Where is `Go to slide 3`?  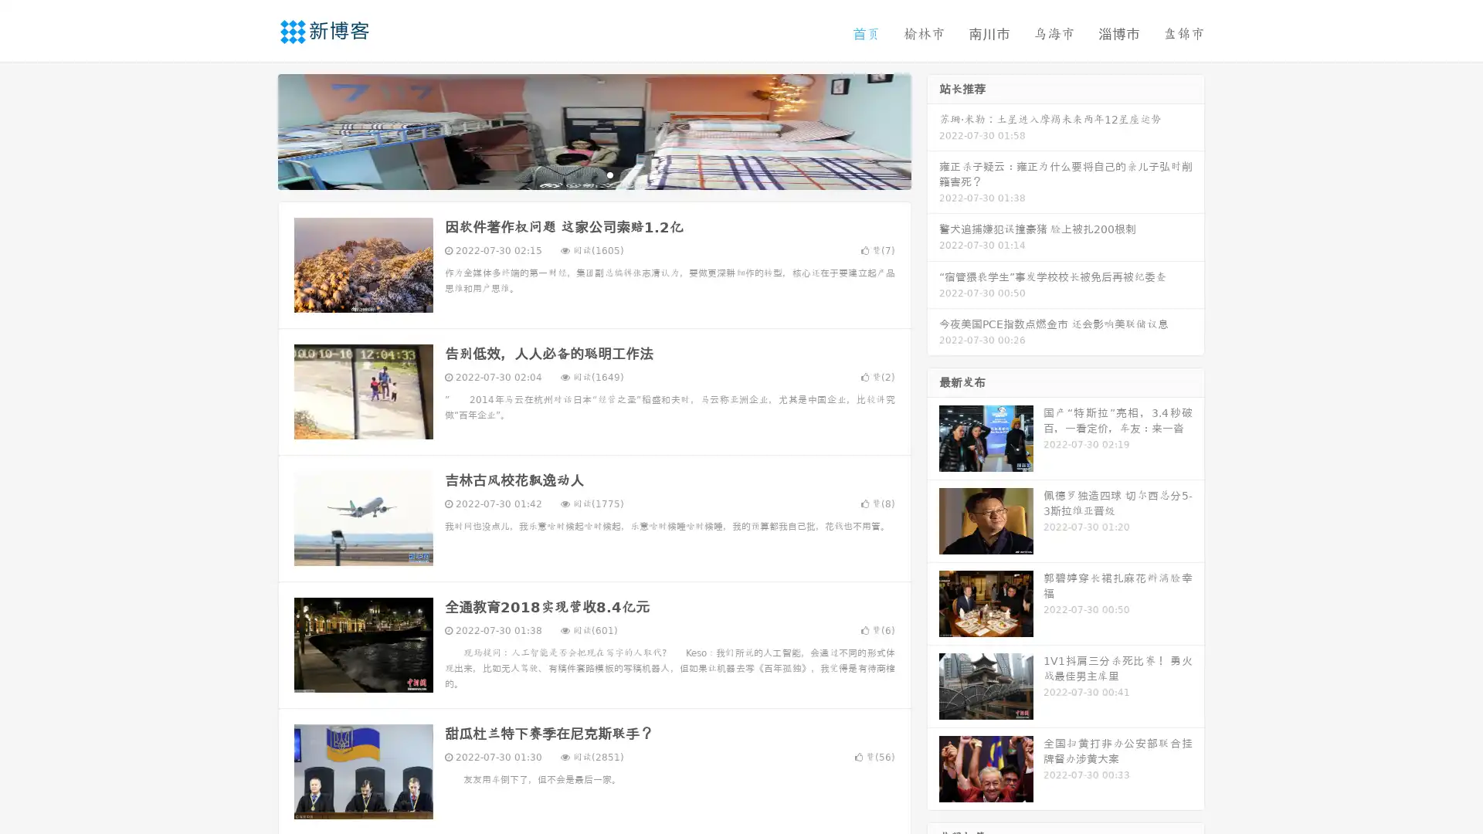 Go to slide 3 is located at coordinates (609, 174).